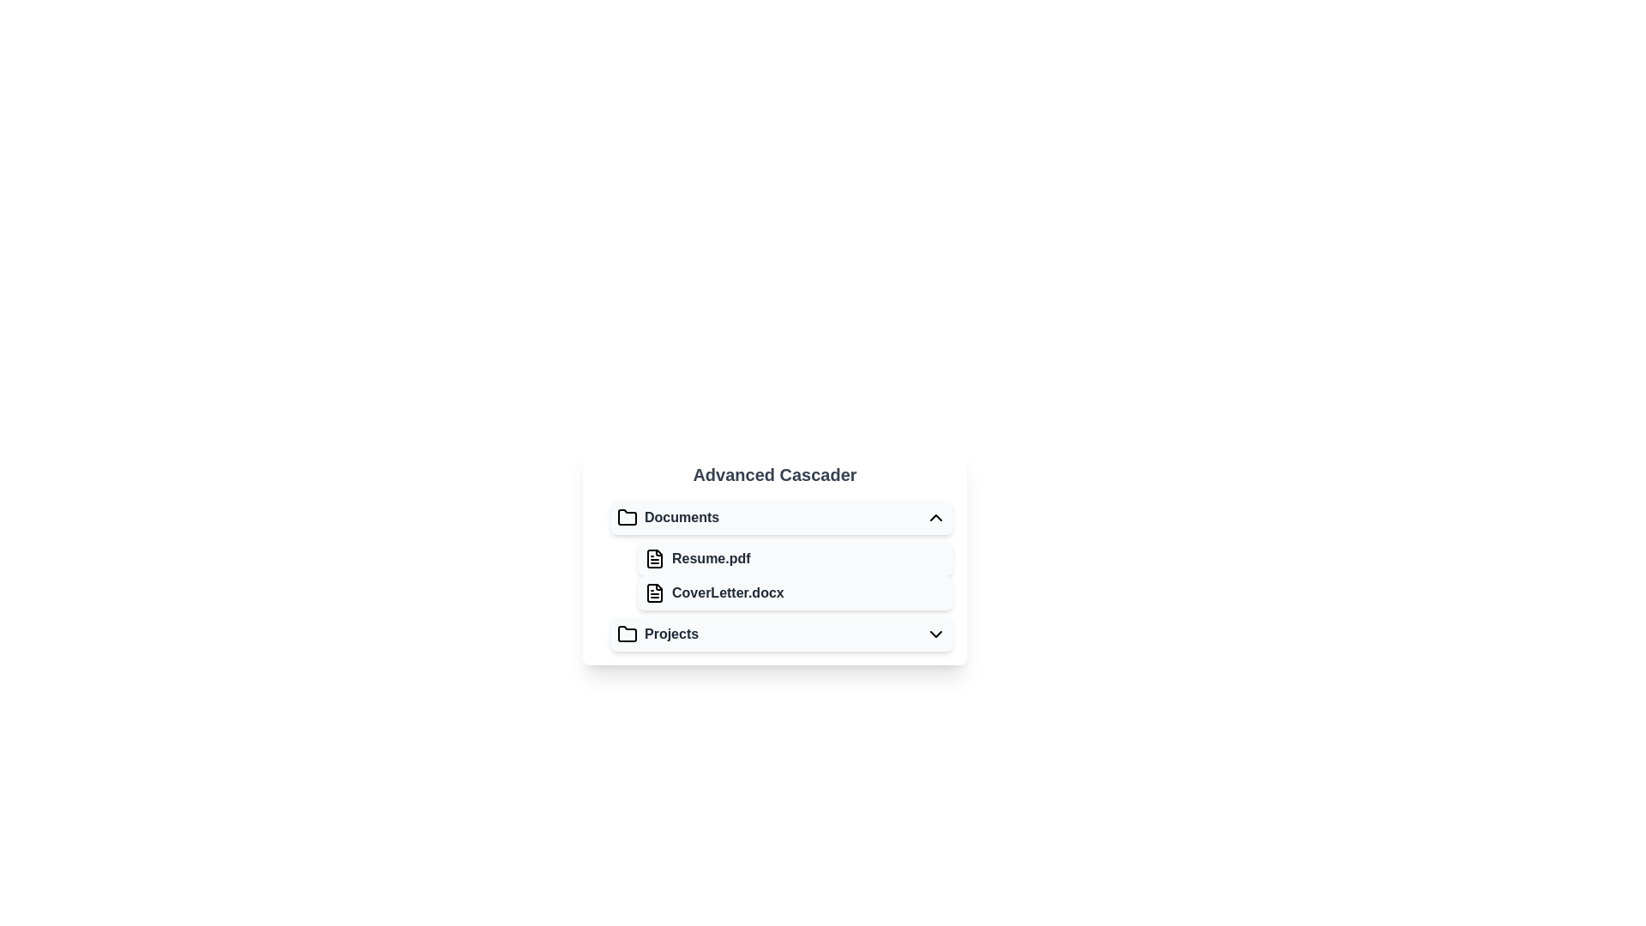 This screenshot has height=926, width=1646. I want to click on the list item for 'Resume.pdf', so click(794, 558).